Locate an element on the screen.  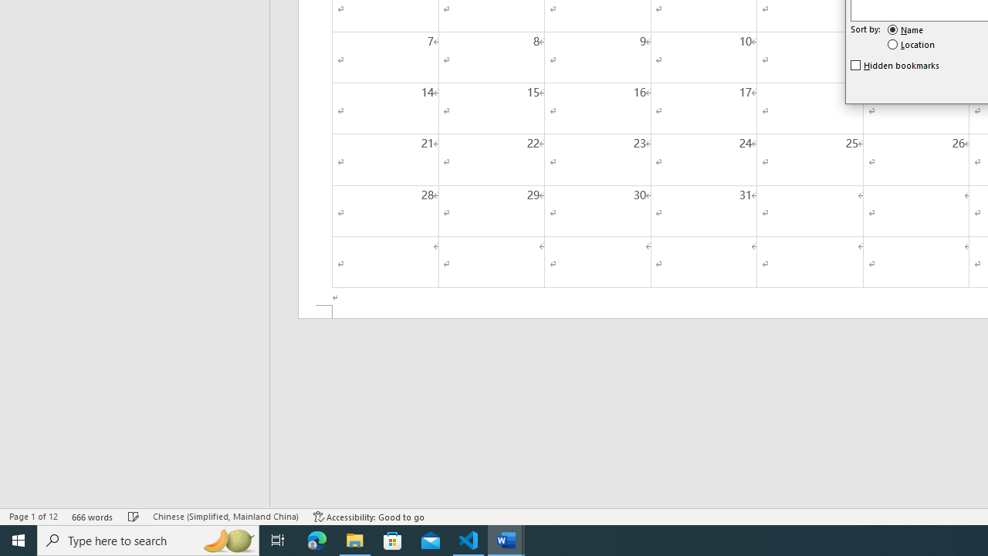
'Search highlights icon opens search home window' is located at coordinates (227, 539).